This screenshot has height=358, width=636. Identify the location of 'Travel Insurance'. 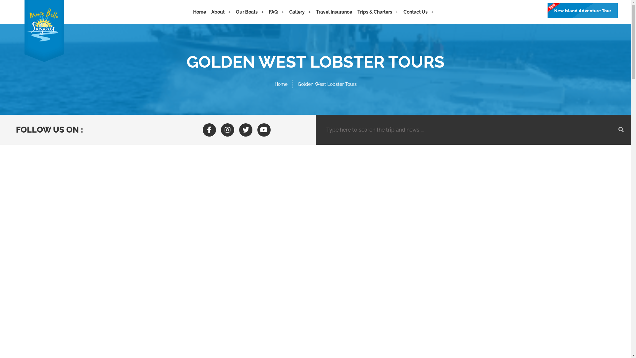
(334, 12).